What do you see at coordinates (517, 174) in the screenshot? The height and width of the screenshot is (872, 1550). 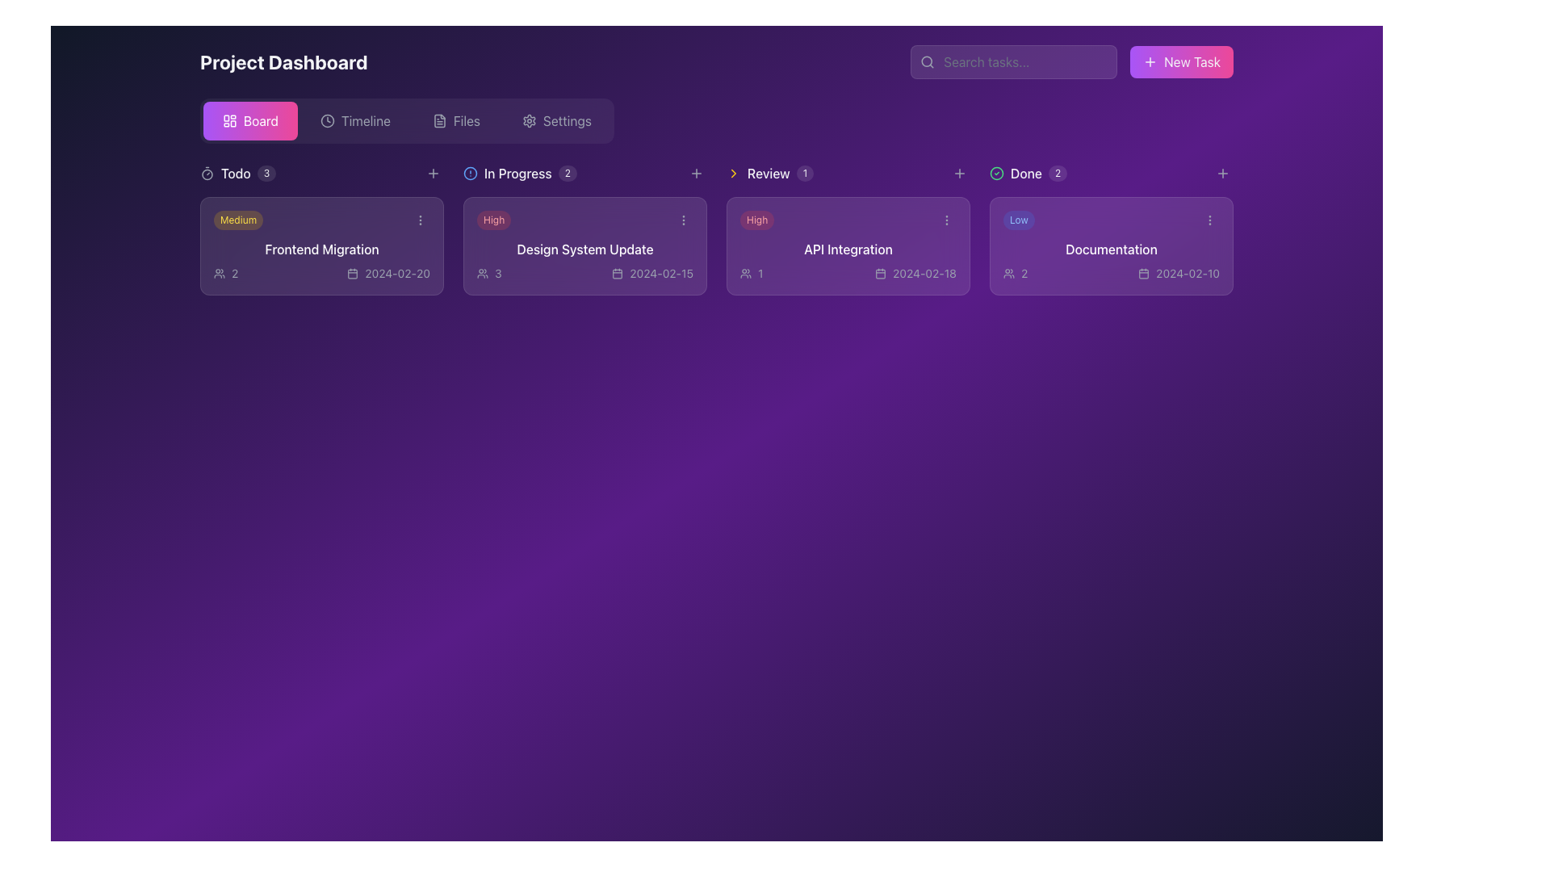 I see `the status indicator text label located in the 'Review' column of the Kanban-style task management area` at bounding box center [517, 174].